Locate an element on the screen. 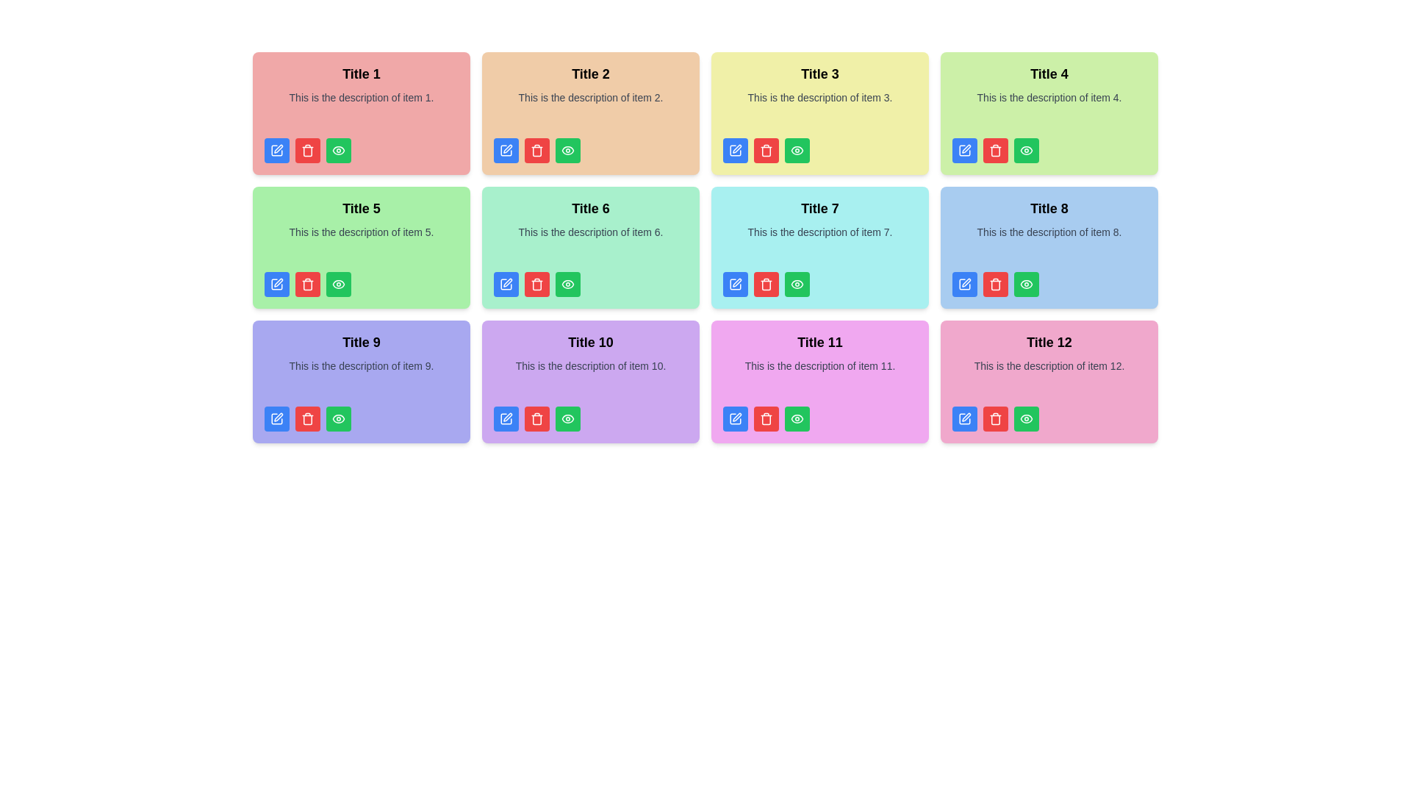 The width and height of the screenshot is (1411, 794). the eye-shaped icon with a green background and white outline located in the rightmost part of the action buttons row beneath the description text is located at coordinates (337, 284).